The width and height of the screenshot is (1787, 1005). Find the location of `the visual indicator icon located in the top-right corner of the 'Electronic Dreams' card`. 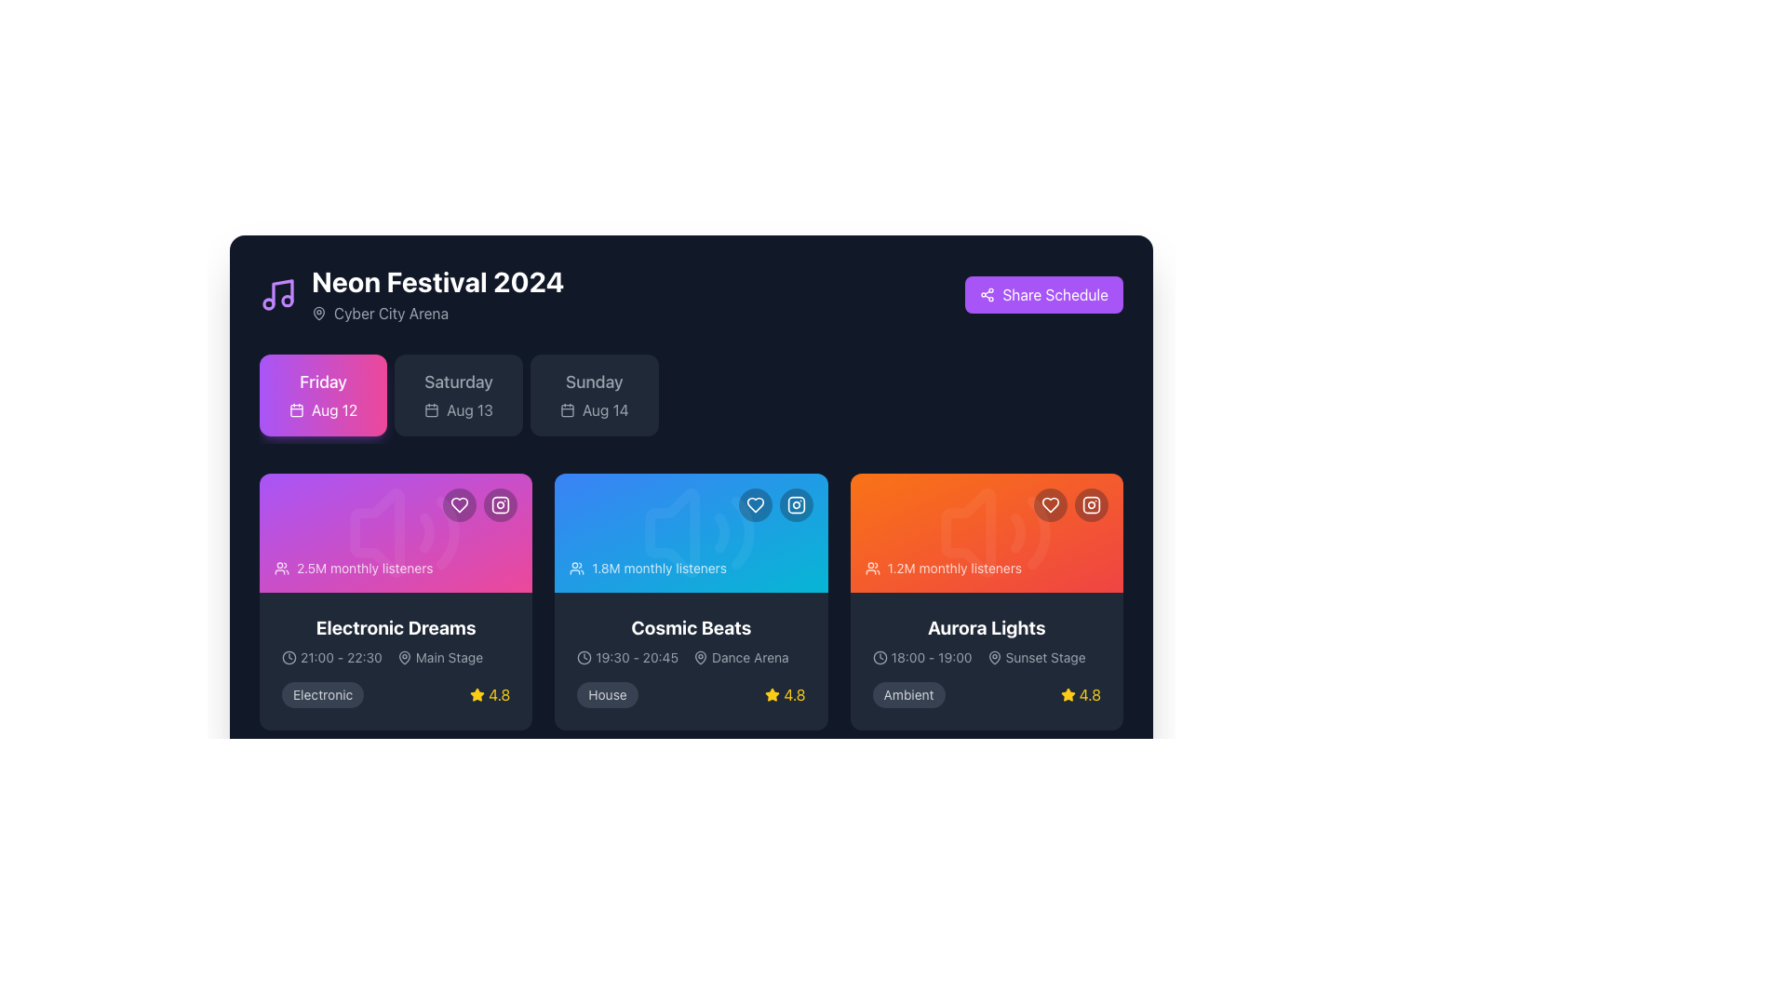

the visual indicator icon located in the top-right corner of the 'Electronic Dreams' card is located at coordinates (501, 505).